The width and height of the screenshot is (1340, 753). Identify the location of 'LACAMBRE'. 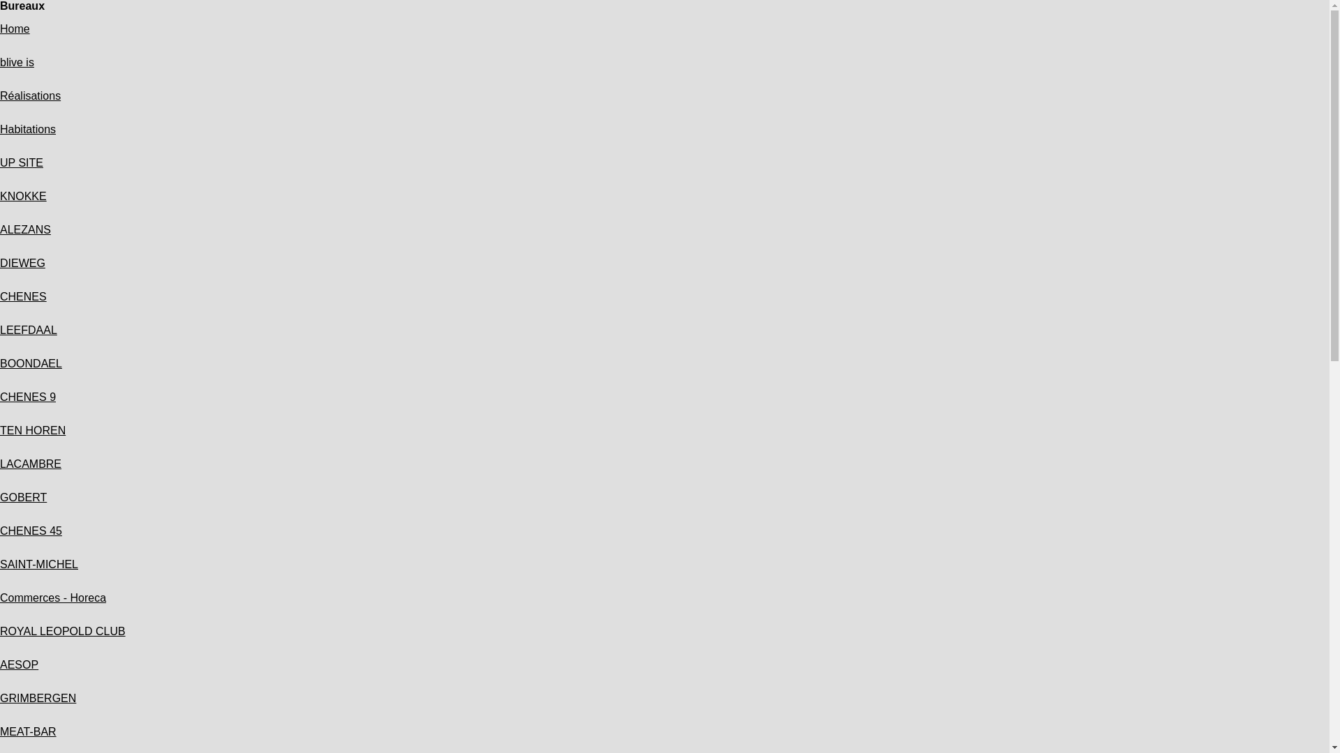
(0, 464).